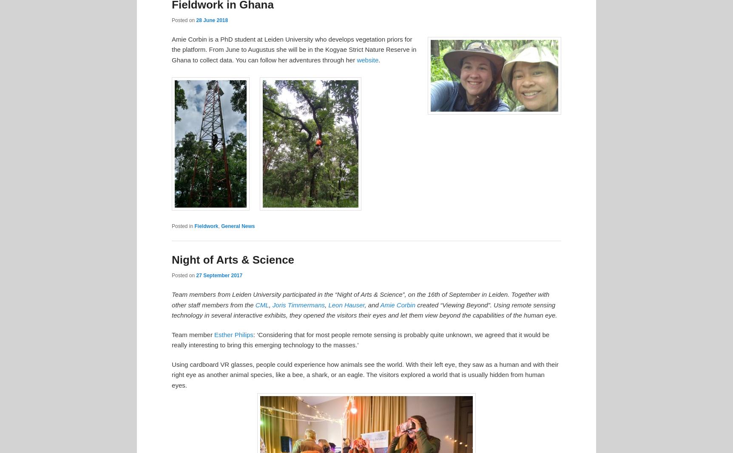 The image size is (733, 453). What do you see at coordinates (360, 339) in the screenshot?
I see `': ‘Considering that for most people remote sensing is probably quite unknown, we agreed that it would be really interesting to bring this emerging technology to the masses.’'` at bounding box center [360, 339].